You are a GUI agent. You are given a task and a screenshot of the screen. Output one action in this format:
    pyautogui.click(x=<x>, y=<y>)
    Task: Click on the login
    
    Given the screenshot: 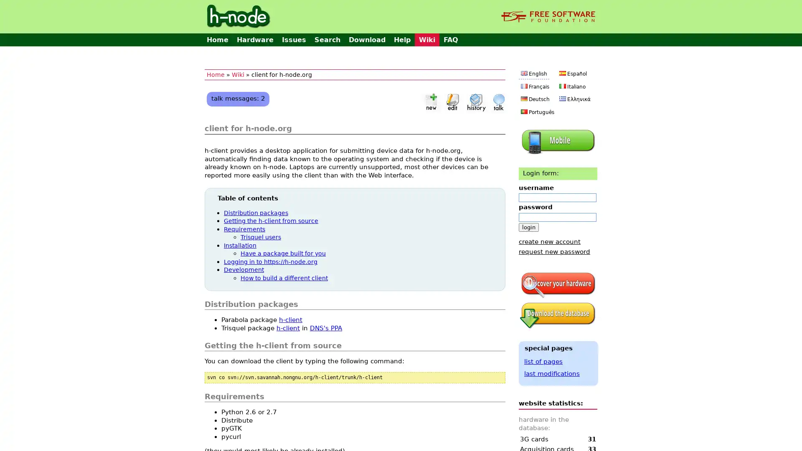 What is the action you would take?
    pyautogui.click(x=528, y=227)
    